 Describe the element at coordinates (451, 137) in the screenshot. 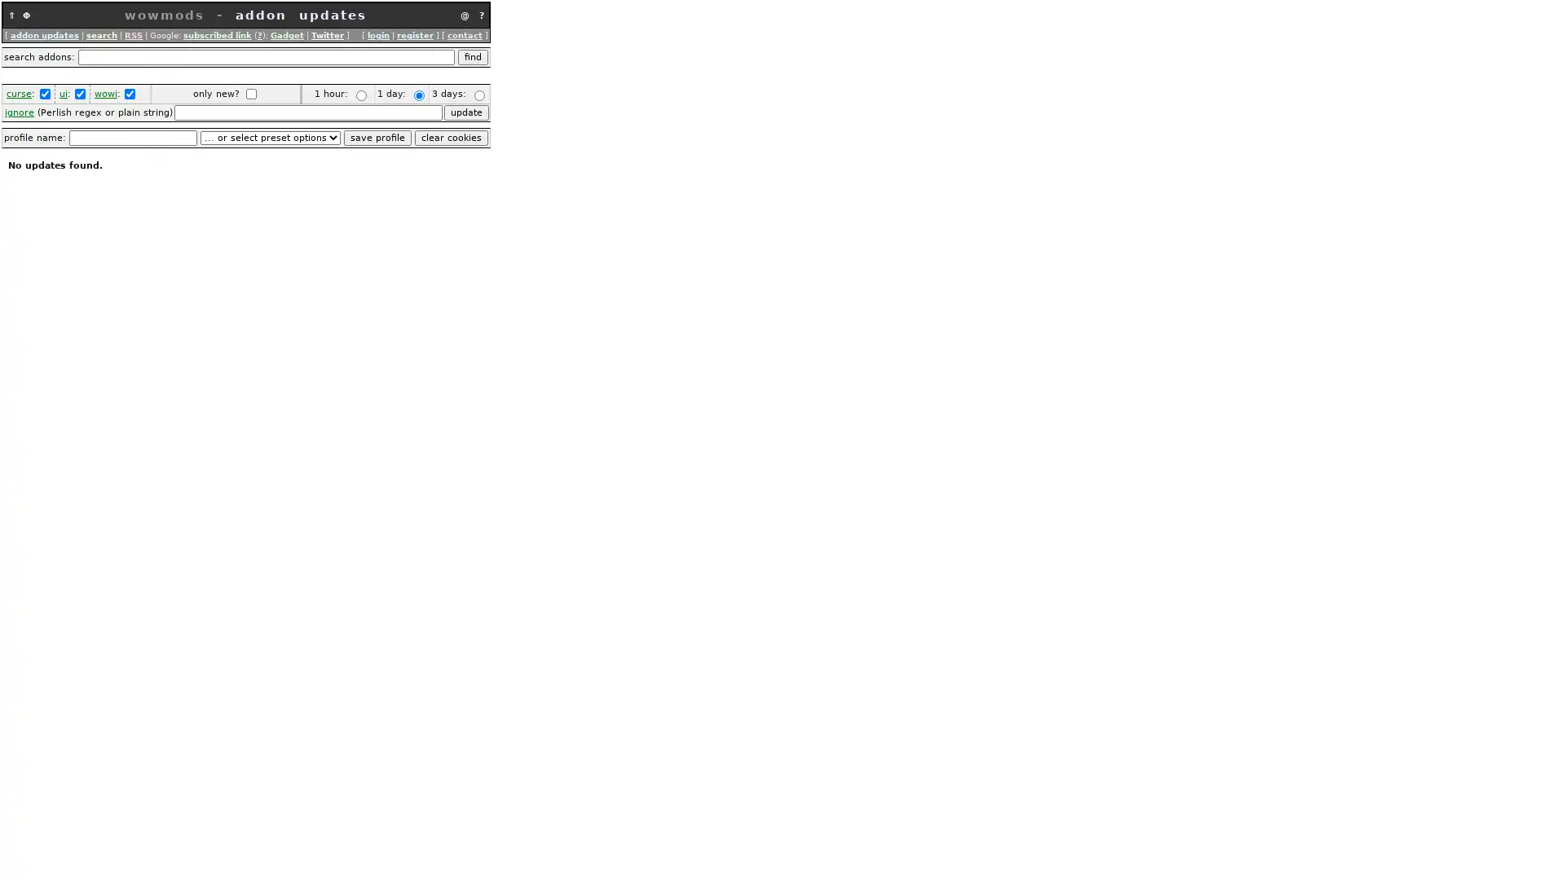

I see `clear cookies` at that location.